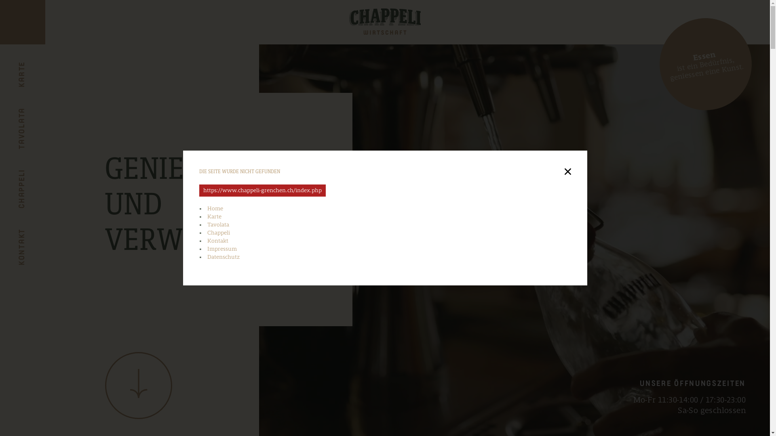 Image resolution: width=776 pixels, height=436 pixels. Describe the element at coordinates (215, 208) in the screenshot. I see `'Home'` at that location.